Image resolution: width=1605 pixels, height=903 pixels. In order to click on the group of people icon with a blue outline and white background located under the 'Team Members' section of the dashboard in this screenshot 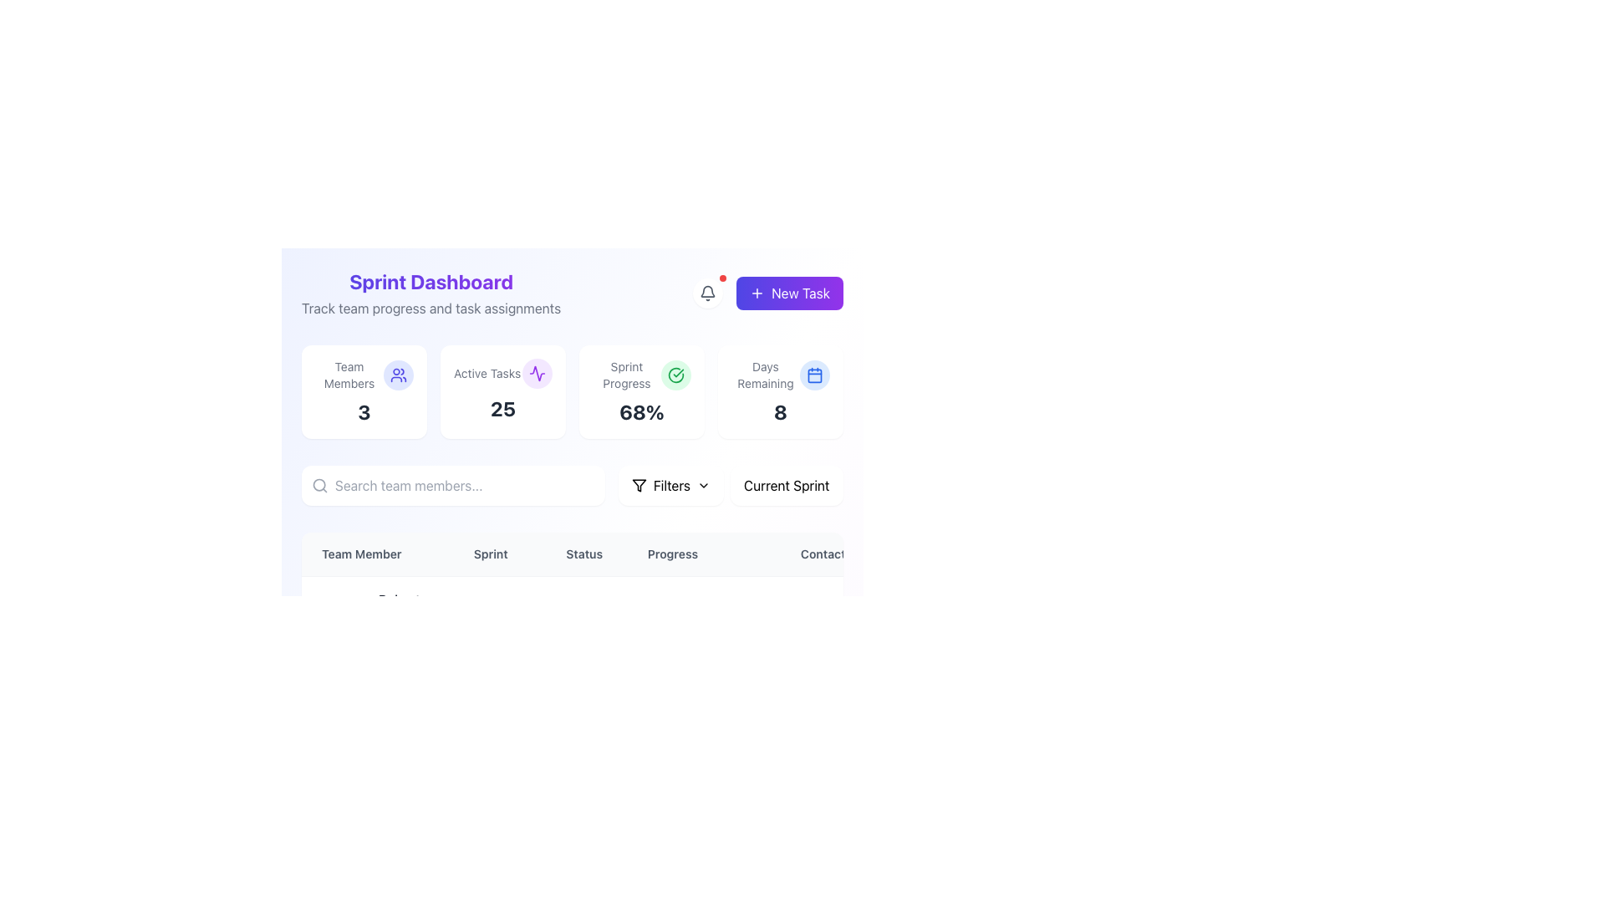, I will do `click(397, 374)`.